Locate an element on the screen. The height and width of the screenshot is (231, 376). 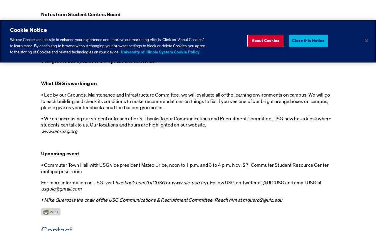
'• We are increasing our student outreach efforts. Thanks to our Communications and Recruitment Committee, USG now has a kiosk where students can talk to us. Our locations and hours are highlighted on our website,' is located at coordinates (186, 122).